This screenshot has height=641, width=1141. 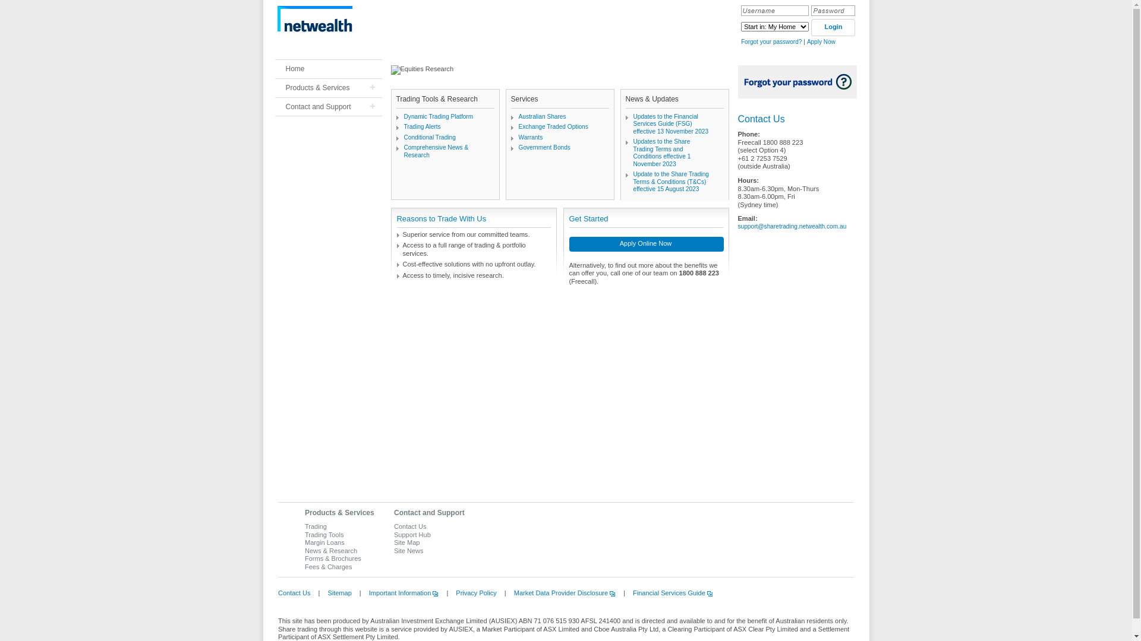 I want to click on 'Important Information', so click(x=401, y=593).